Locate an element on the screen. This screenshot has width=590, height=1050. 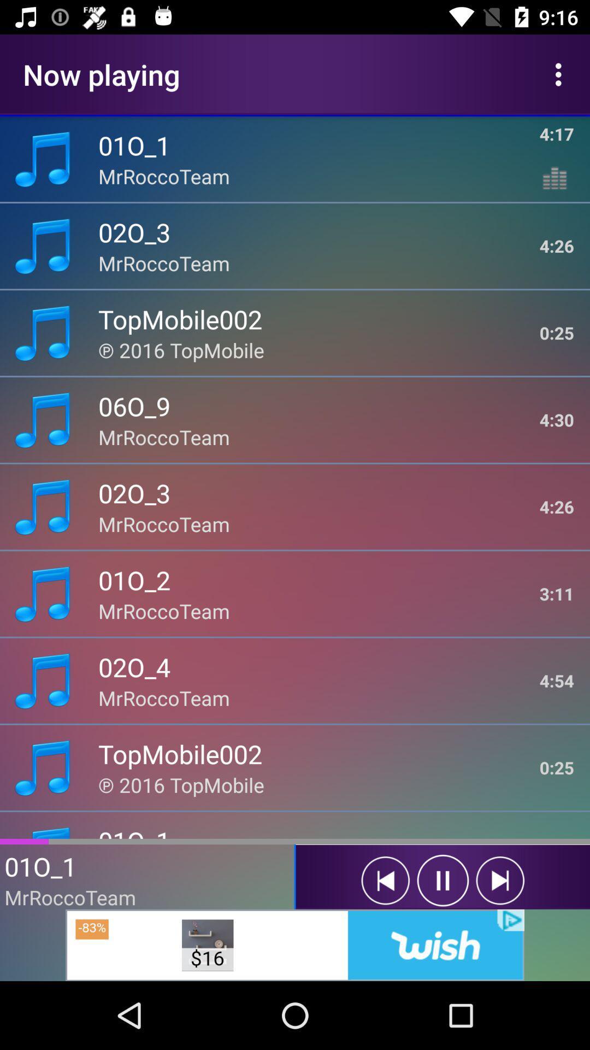
adverdesment link is located at coordinates (295, 944).